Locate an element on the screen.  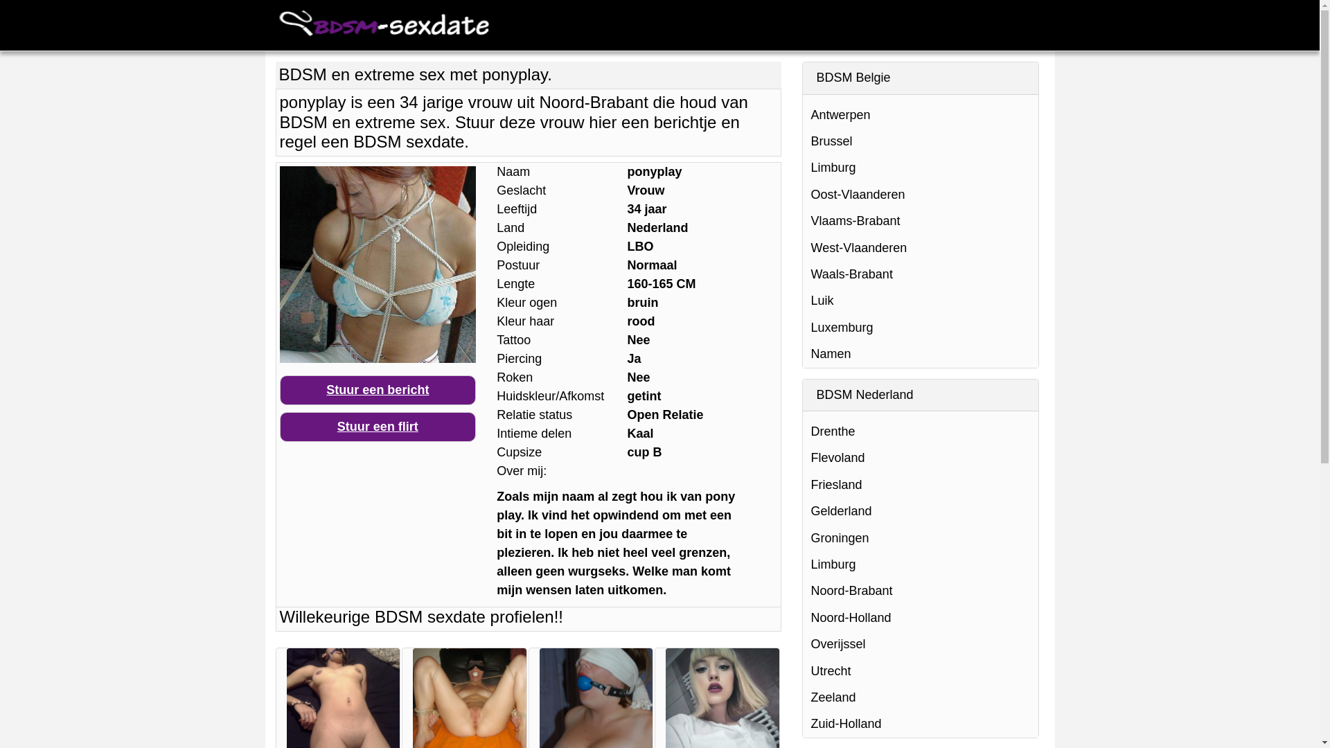
'Stuur een flirt' is located at coordinates (378, 426).